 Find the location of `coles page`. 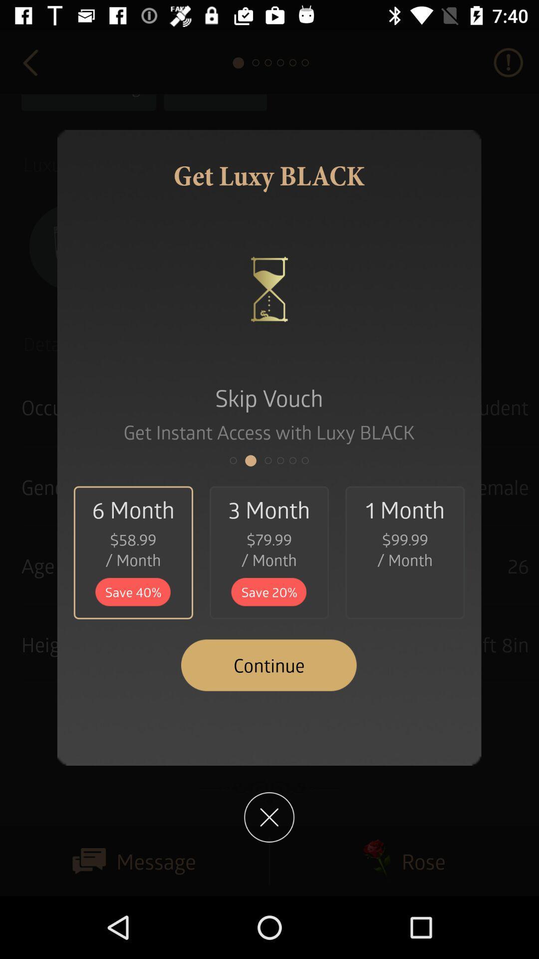

coles page is located at coordinates (269, 817).